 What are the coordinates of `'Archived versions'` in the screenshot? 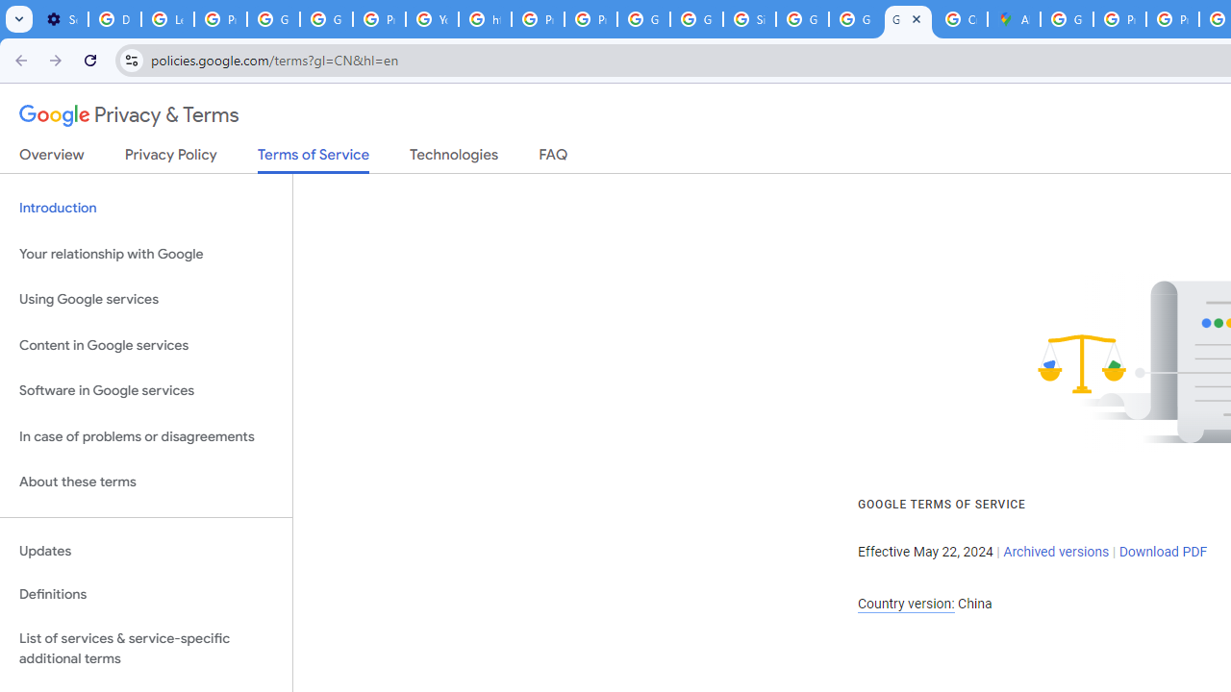 It's located at (1055, 552).